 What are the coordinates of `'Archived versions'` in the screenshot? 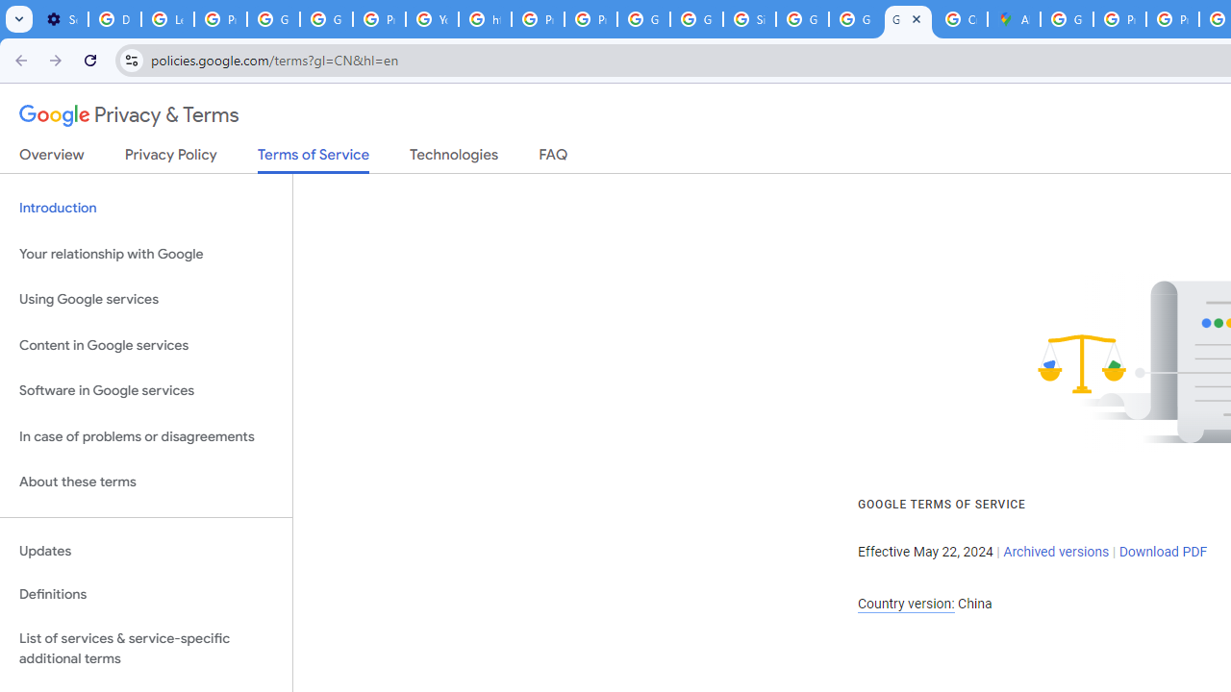 It's located at (1055, 552).